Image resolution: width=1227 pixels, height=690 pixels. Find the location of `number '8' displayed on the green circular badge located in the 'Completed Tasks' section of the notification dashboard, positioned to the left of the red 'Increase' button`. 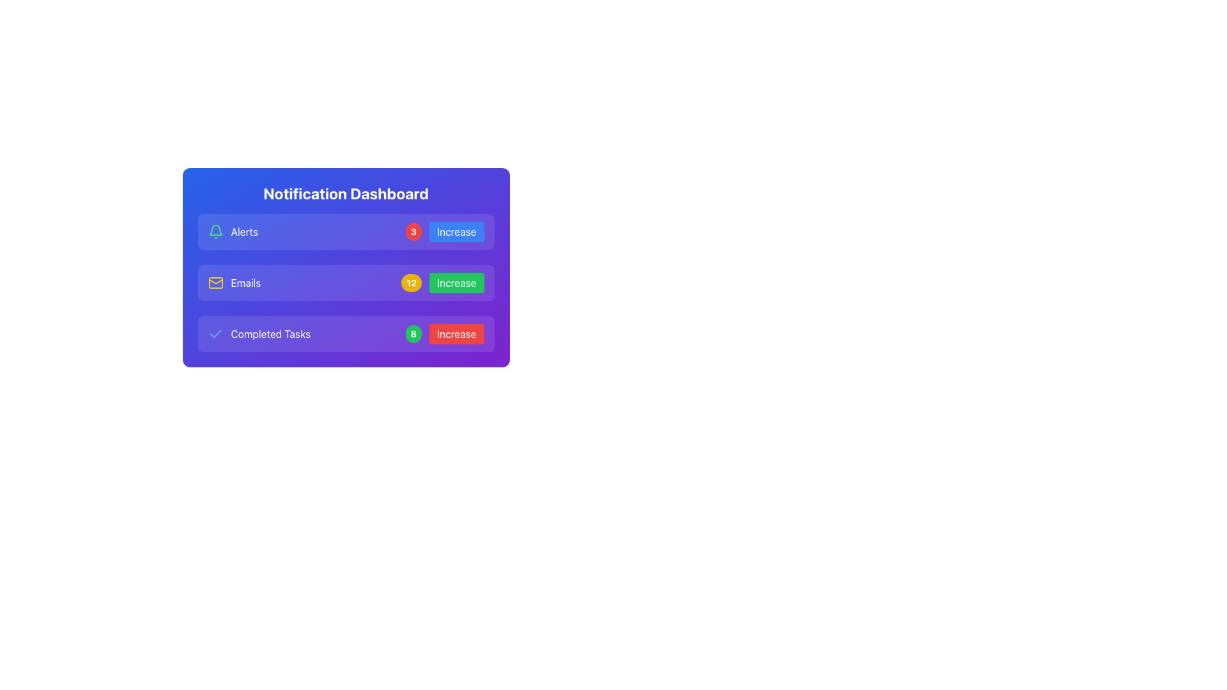

number '8' displayed on the green circular badge located in the 'Completed Tasks' section of the notification dashboard, positioned to the left of the red 'Increase' button is located at coordinates (413, 333).